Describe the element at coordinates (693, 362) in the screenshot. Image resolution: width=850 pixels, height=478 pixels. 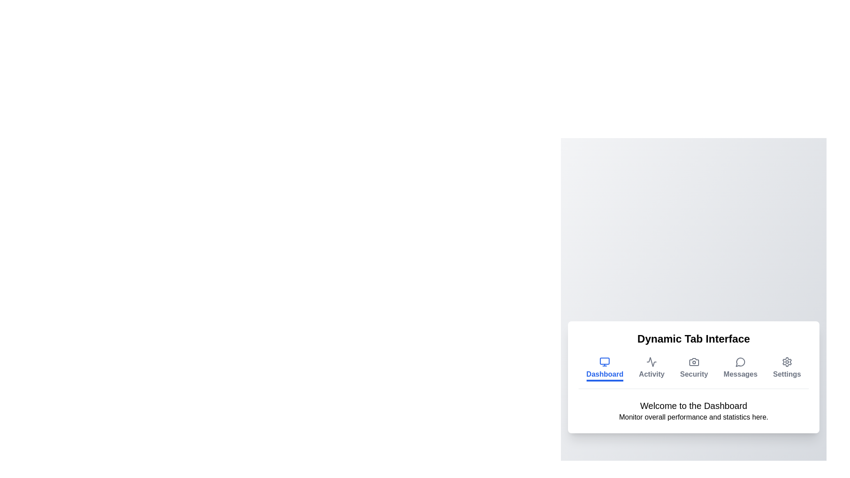
I see `the camera icon representing the 'Security' section, which is centrally located in the bottom navigation bar between the 'Activity' and 'Messages' tabs` at that location.